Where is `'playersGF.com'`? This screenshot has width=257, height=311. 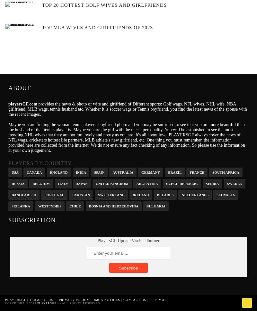 'playersGF.com' is located at coordinates (22, 104).